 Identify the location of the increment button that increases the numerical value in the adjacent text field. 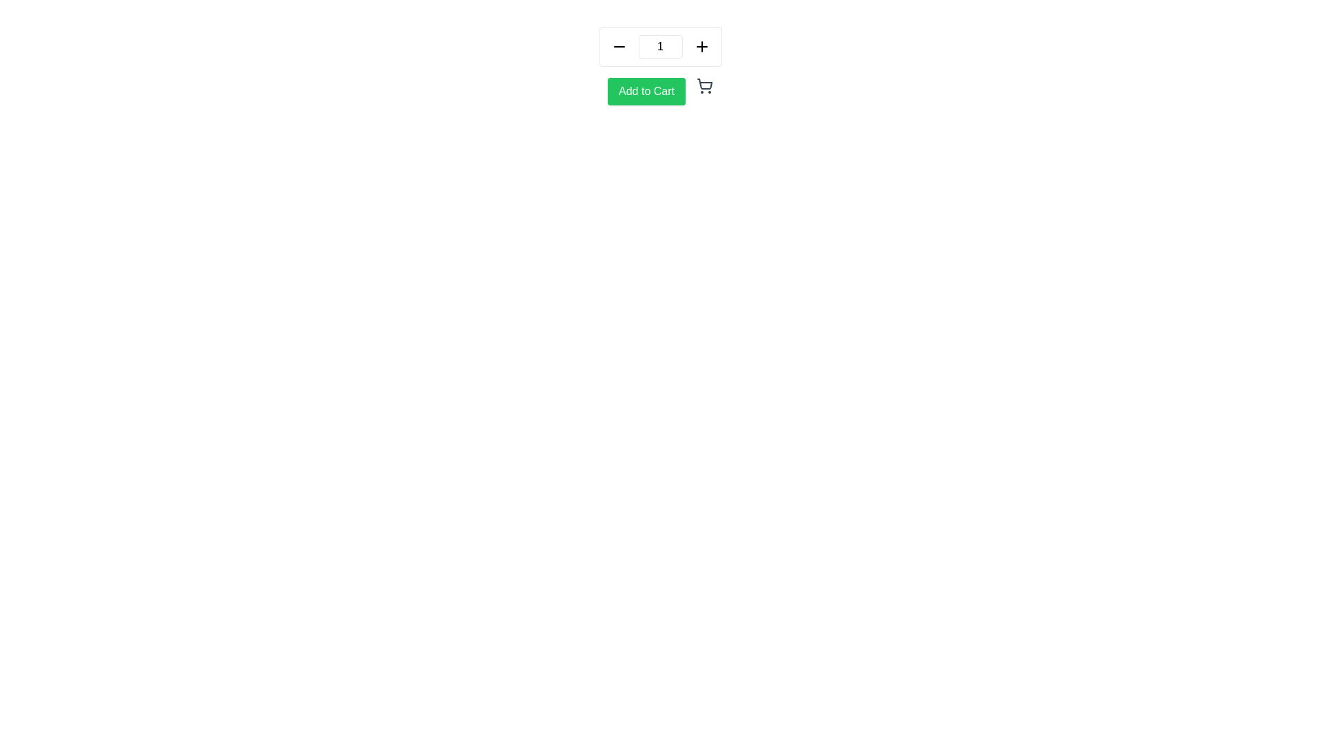
(701, 46).